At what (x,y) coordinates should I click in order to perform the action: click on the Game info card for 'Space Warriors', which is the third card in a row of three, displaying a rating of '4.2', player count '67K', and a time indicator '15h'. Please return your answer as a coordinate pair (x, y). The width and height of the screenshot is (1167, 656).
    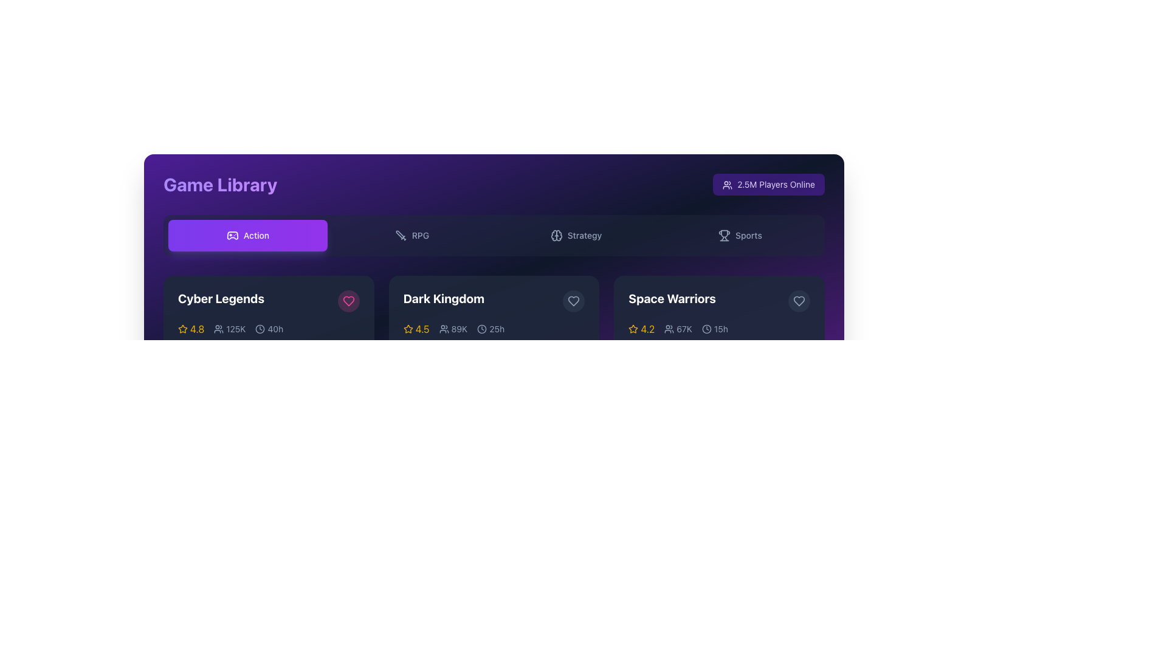
    Looking at the image, I should click on (719, 332).